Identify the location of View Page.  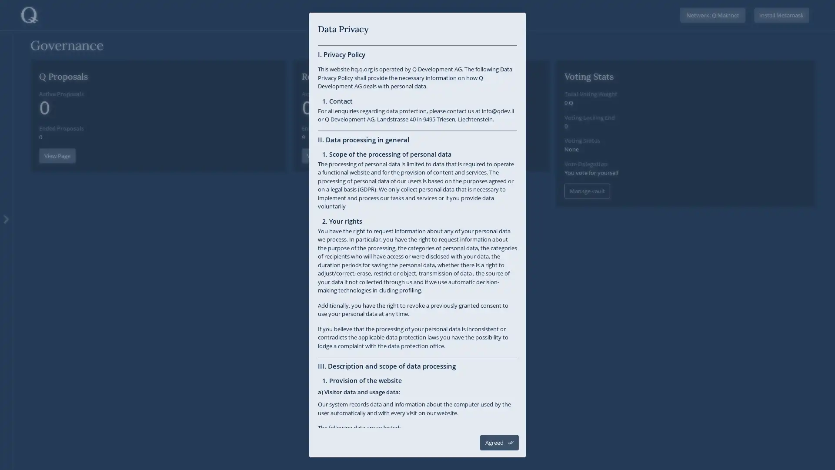
(319, 155).